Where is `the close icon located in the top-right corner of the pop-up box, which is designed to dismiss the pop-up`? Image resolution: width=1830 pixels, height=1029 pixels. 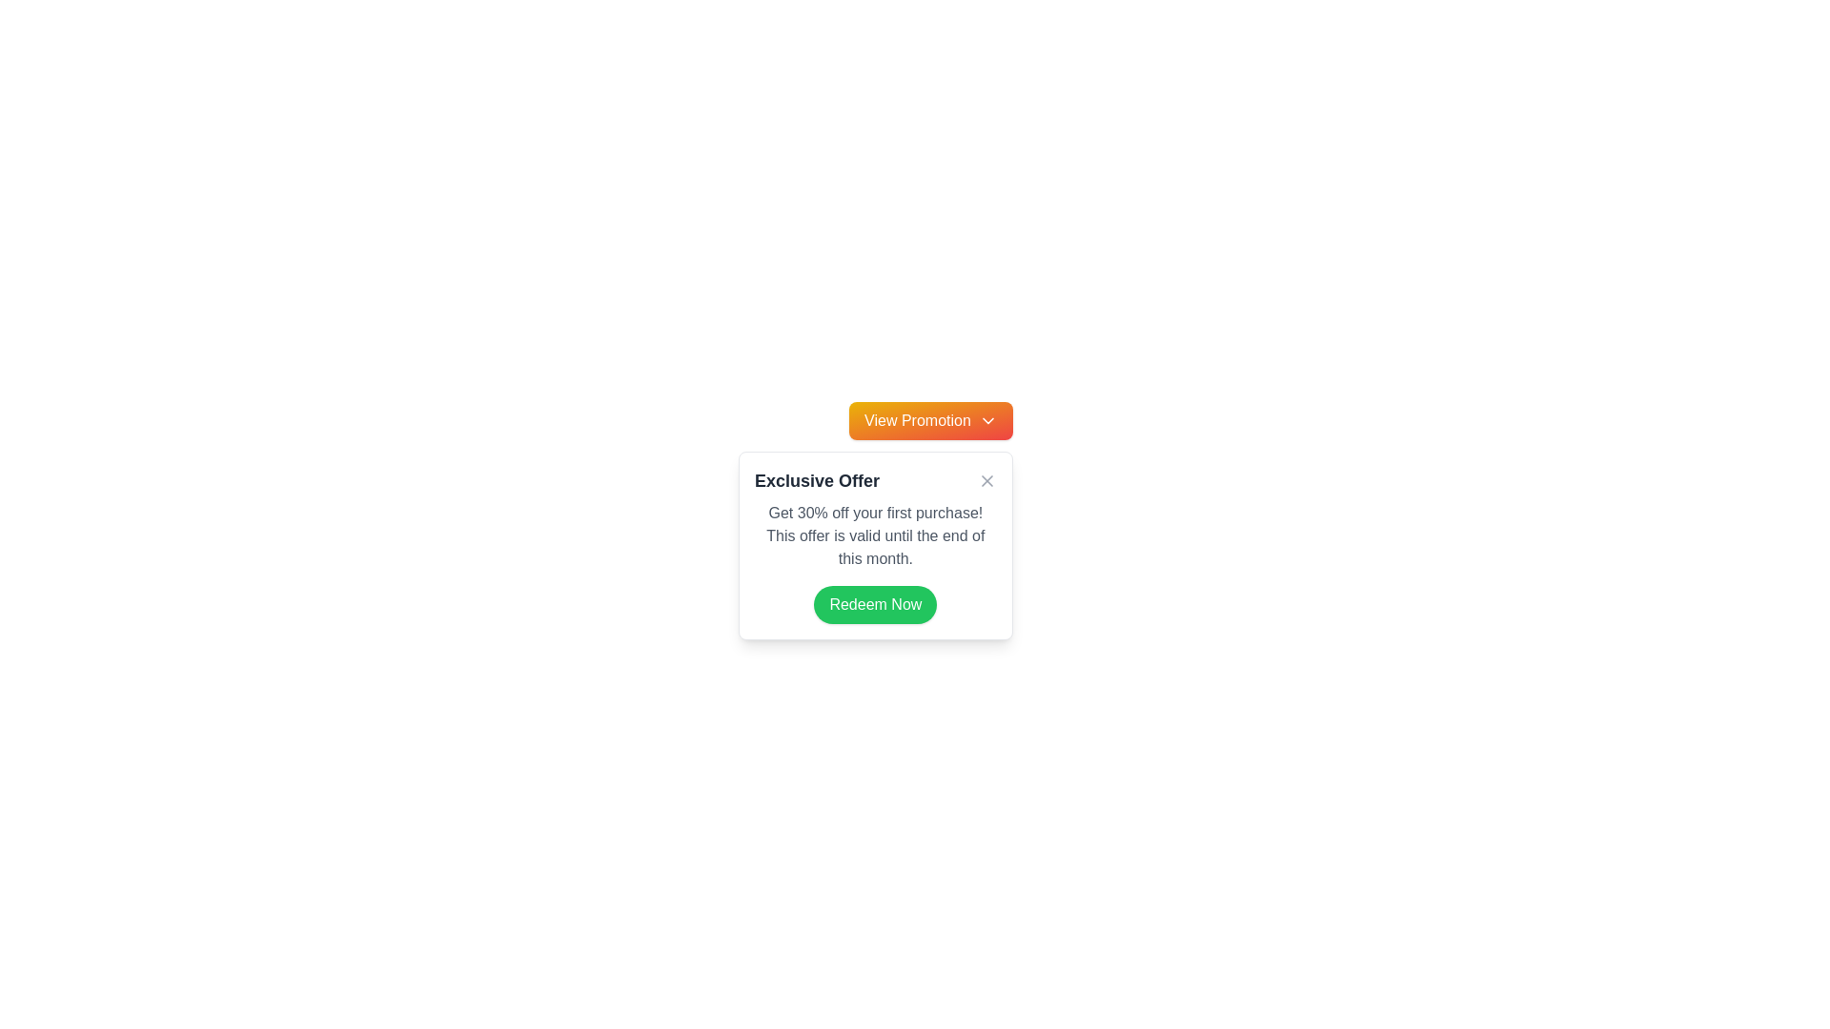
the close icon located in the top-right corner of the pop-up box, which is designed to dismiss the pop-up is located at coordinates (986, 480).